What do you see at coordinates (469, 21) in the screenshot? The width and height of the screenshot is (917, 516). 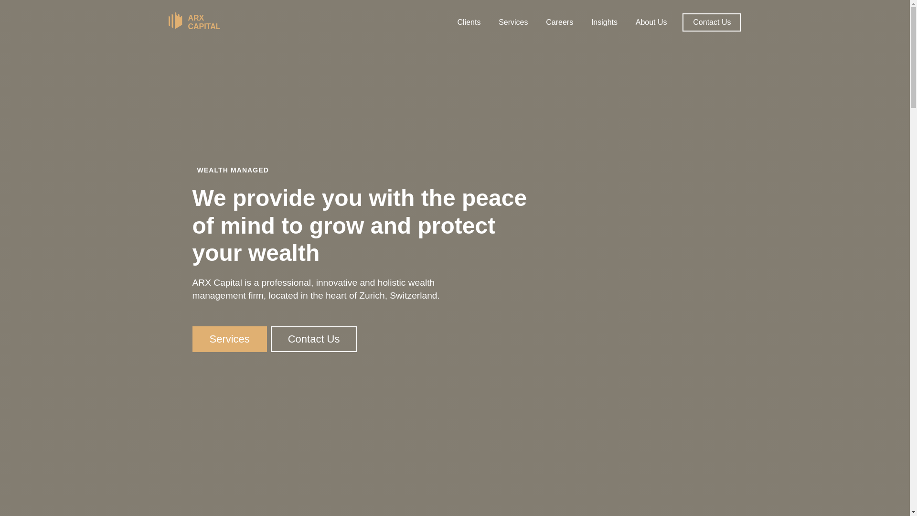 I see `'Clients'` at bounding box center [469, 21].